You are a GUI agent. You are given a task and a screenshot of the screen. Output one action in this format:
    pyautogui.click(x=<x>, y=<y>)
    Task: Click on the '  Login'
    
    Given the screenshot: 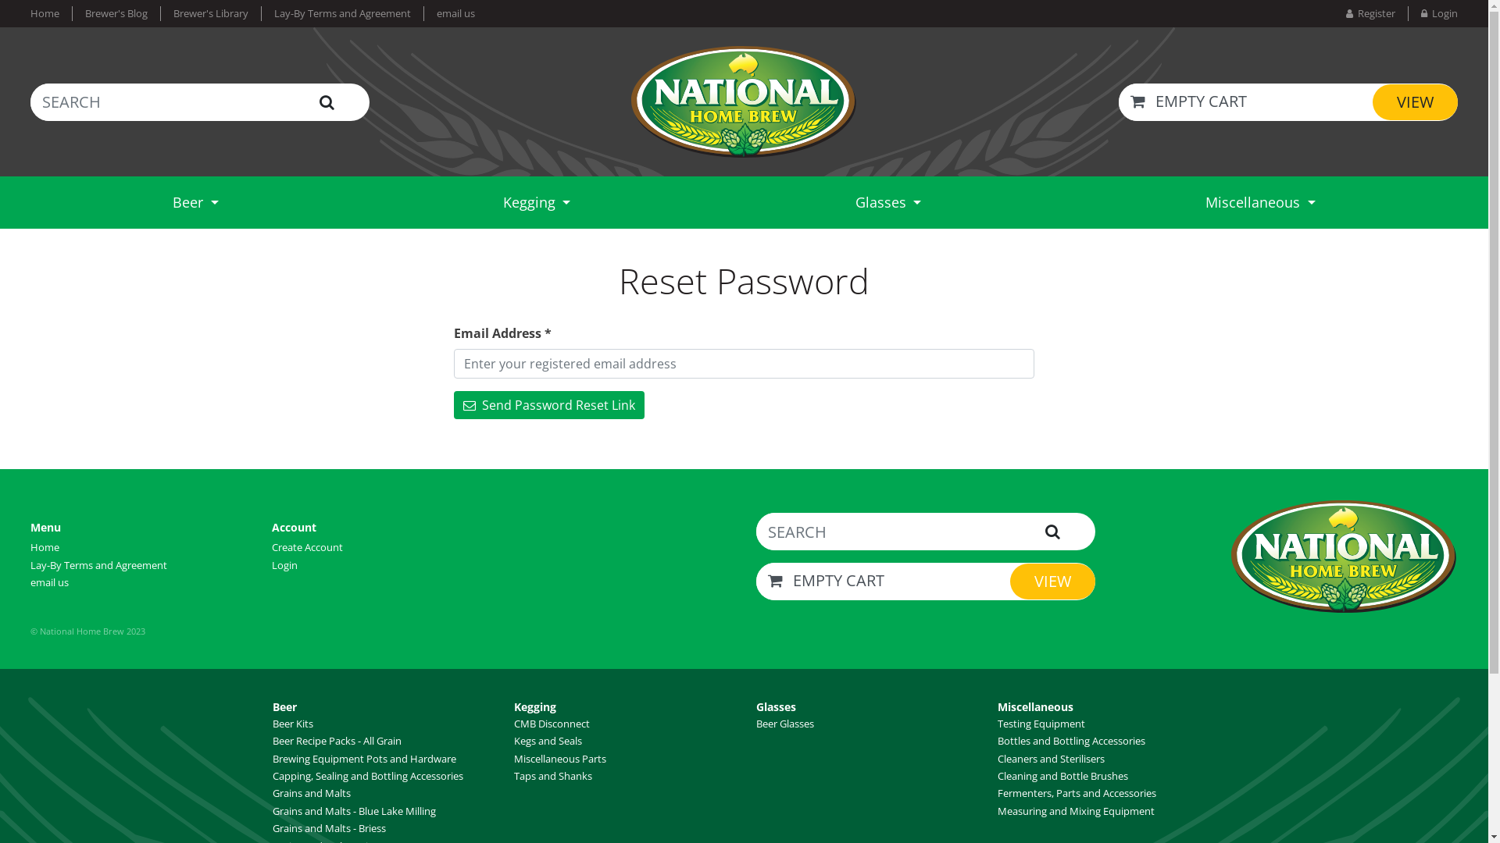 What is the action you would take?
    pyautogui.click(x=1432, y=13)
    